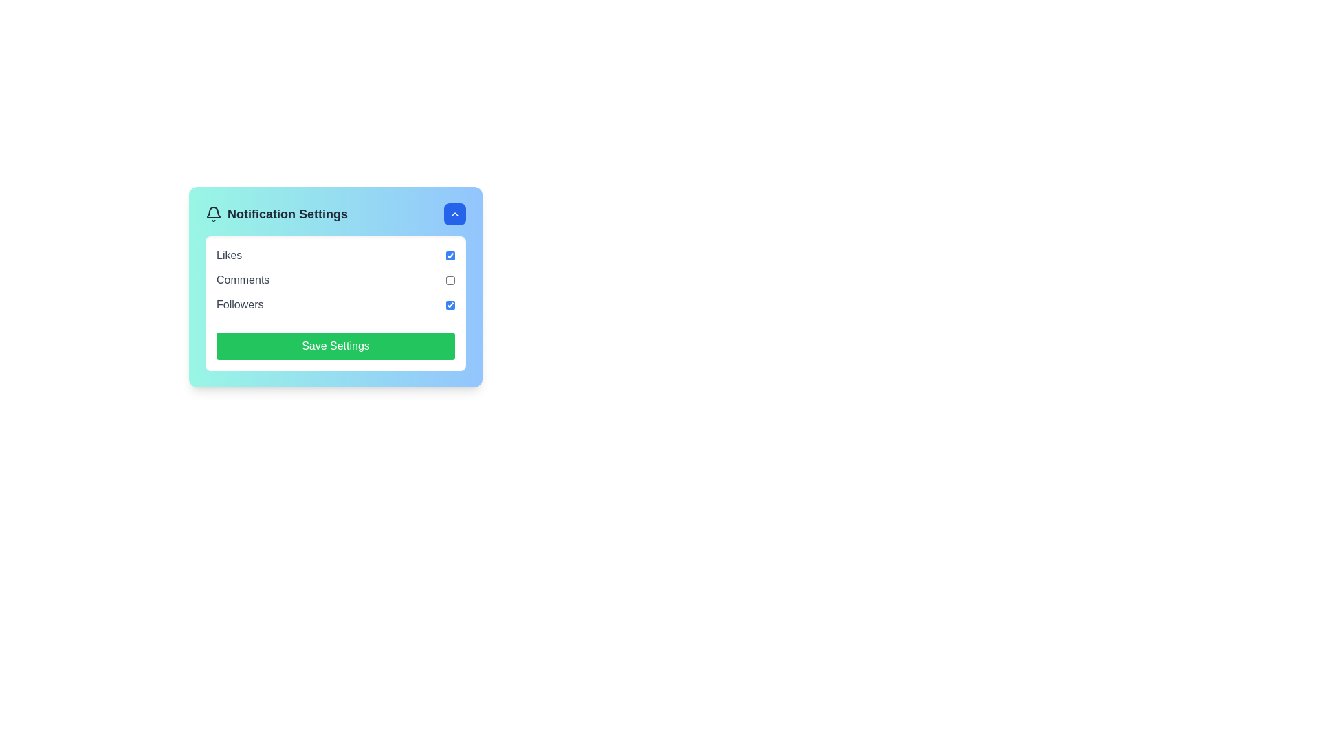 The height and width of the screenshot is (742, 1320). Describe the element at coordinates (240, 304) in the screenshot. I see `text of the third Text Label in the vertical list within the settings panel, which serves as a label for the associated checkbox located directly below the 'Comments' label` at that location.